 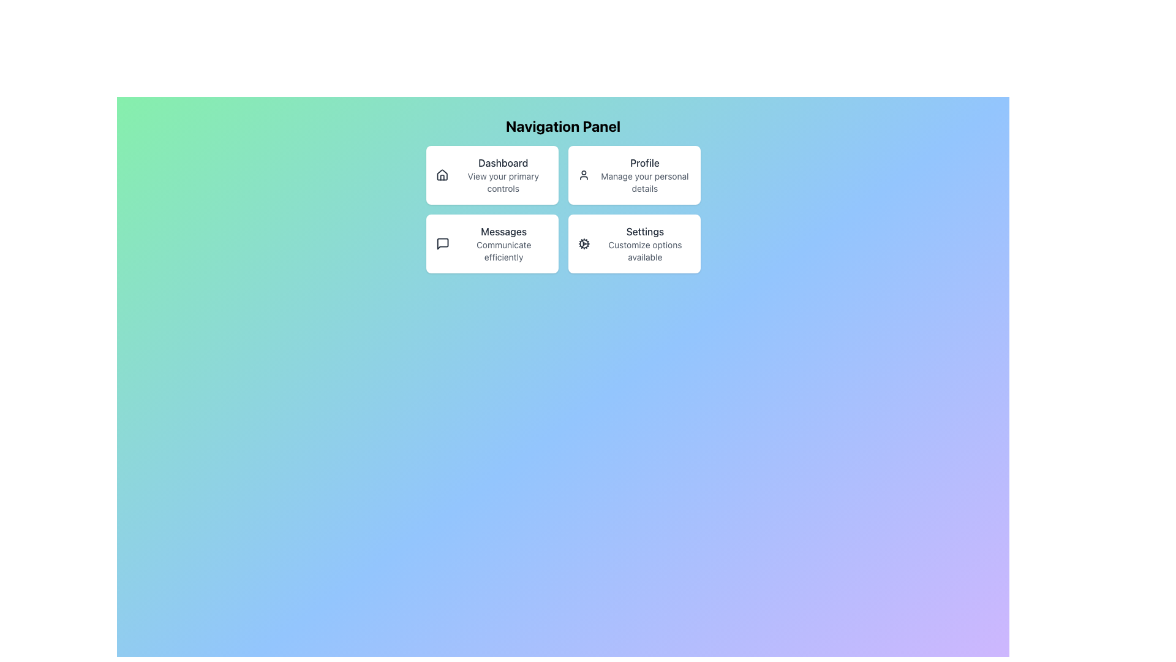 What do you see at coordinates (503, 243) in the screenshot?
I see `the Text Block with Title and Subtitle that introduces the Messages section, which is positioned in the first column of the second row of a 2x2 grid layout` at bounding box center [503, 243].